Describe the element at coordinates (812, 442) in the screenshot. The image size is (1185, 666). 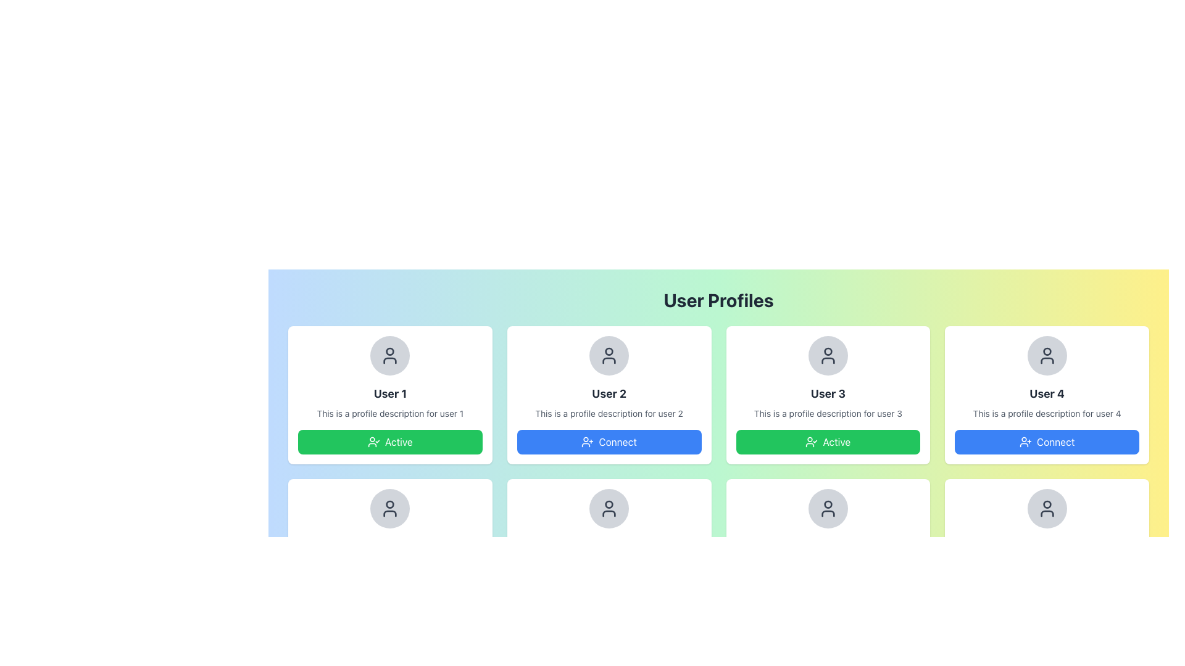
I see `the SVG Icon representing the confirmation status of 'User 3's profile, located in the bottom section of their profile card` at that location.